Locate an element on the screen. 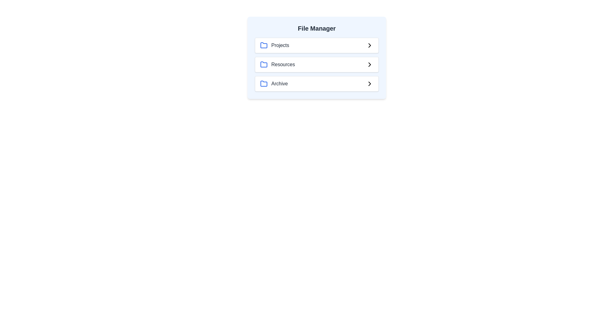  the 'Projects' navigation item, which is the topmost item in the list of navigation options in the File Manager is located at coordinates (316, 45).